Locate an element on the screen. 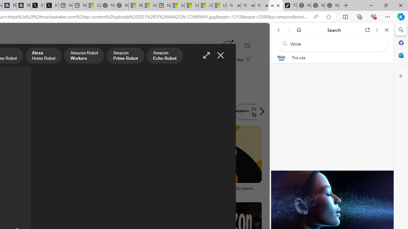  'Amazon Shoes' is located at coordinates (210, 112).